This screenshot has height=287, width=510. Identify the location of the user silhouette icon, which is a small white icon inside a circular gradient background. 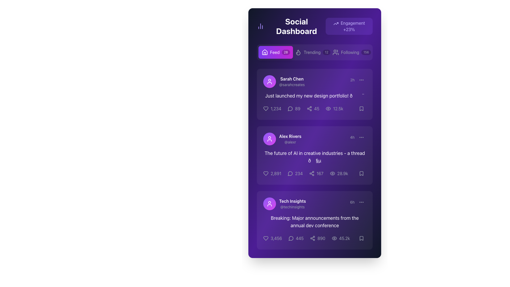
(269, 82).